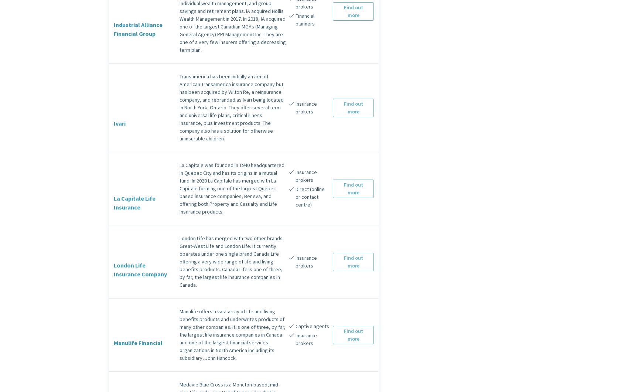 The height and width of the screenshot is (392, 628). I want to click on 'Financial planners', so click(304, 19).